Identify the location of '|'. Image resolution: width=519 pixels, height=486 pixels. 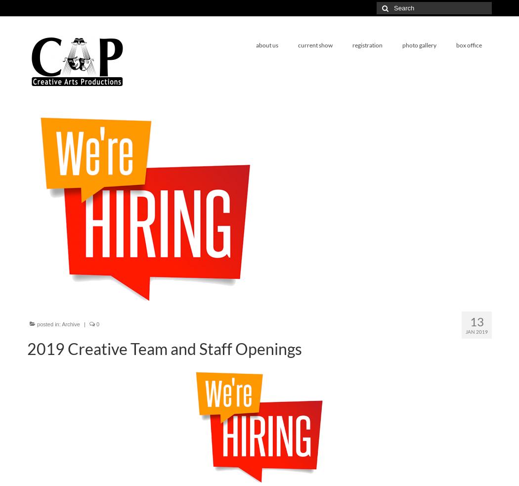
(84, 324).